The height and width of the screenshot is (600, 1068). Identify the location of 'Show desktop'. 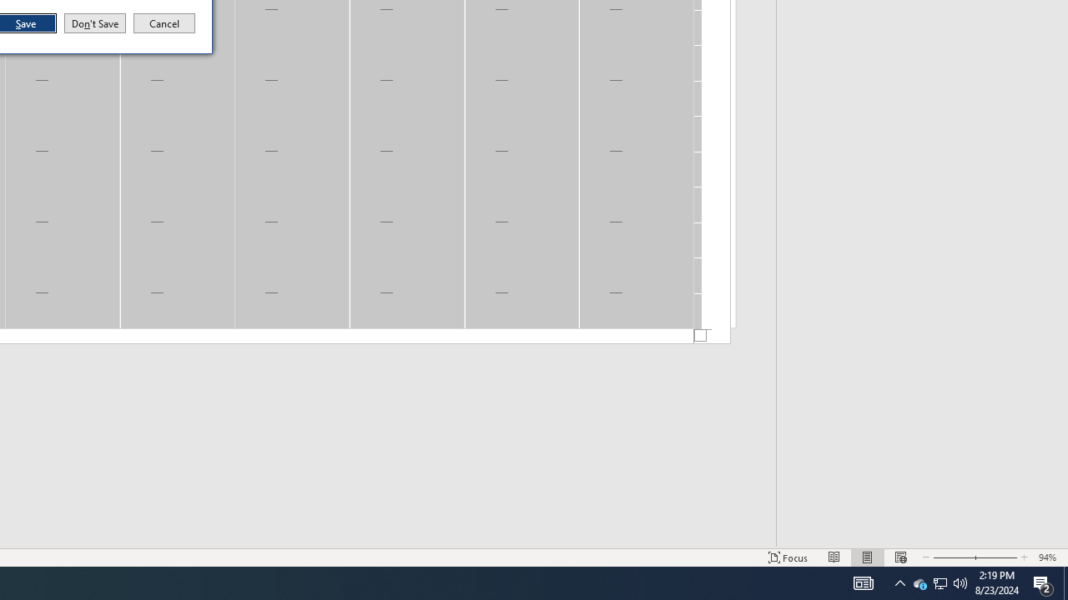
(1043, 582).